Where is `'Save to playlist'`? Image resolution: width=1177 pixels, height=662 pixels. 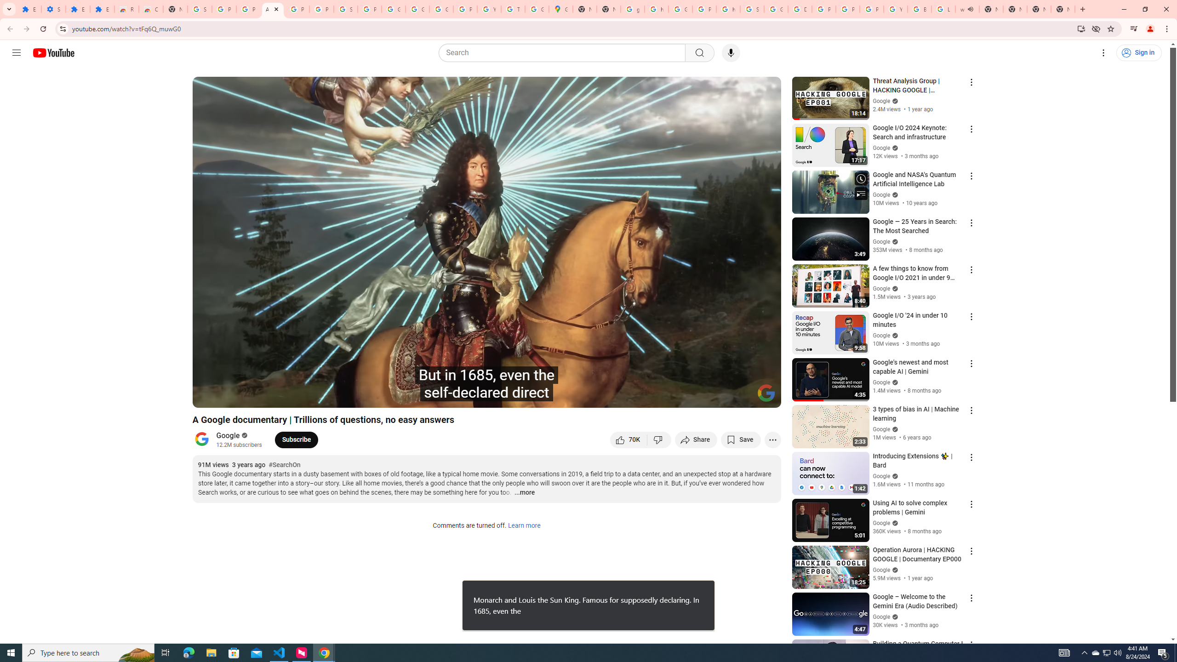
'Save to playlist' is located at coordinates (740, 439).